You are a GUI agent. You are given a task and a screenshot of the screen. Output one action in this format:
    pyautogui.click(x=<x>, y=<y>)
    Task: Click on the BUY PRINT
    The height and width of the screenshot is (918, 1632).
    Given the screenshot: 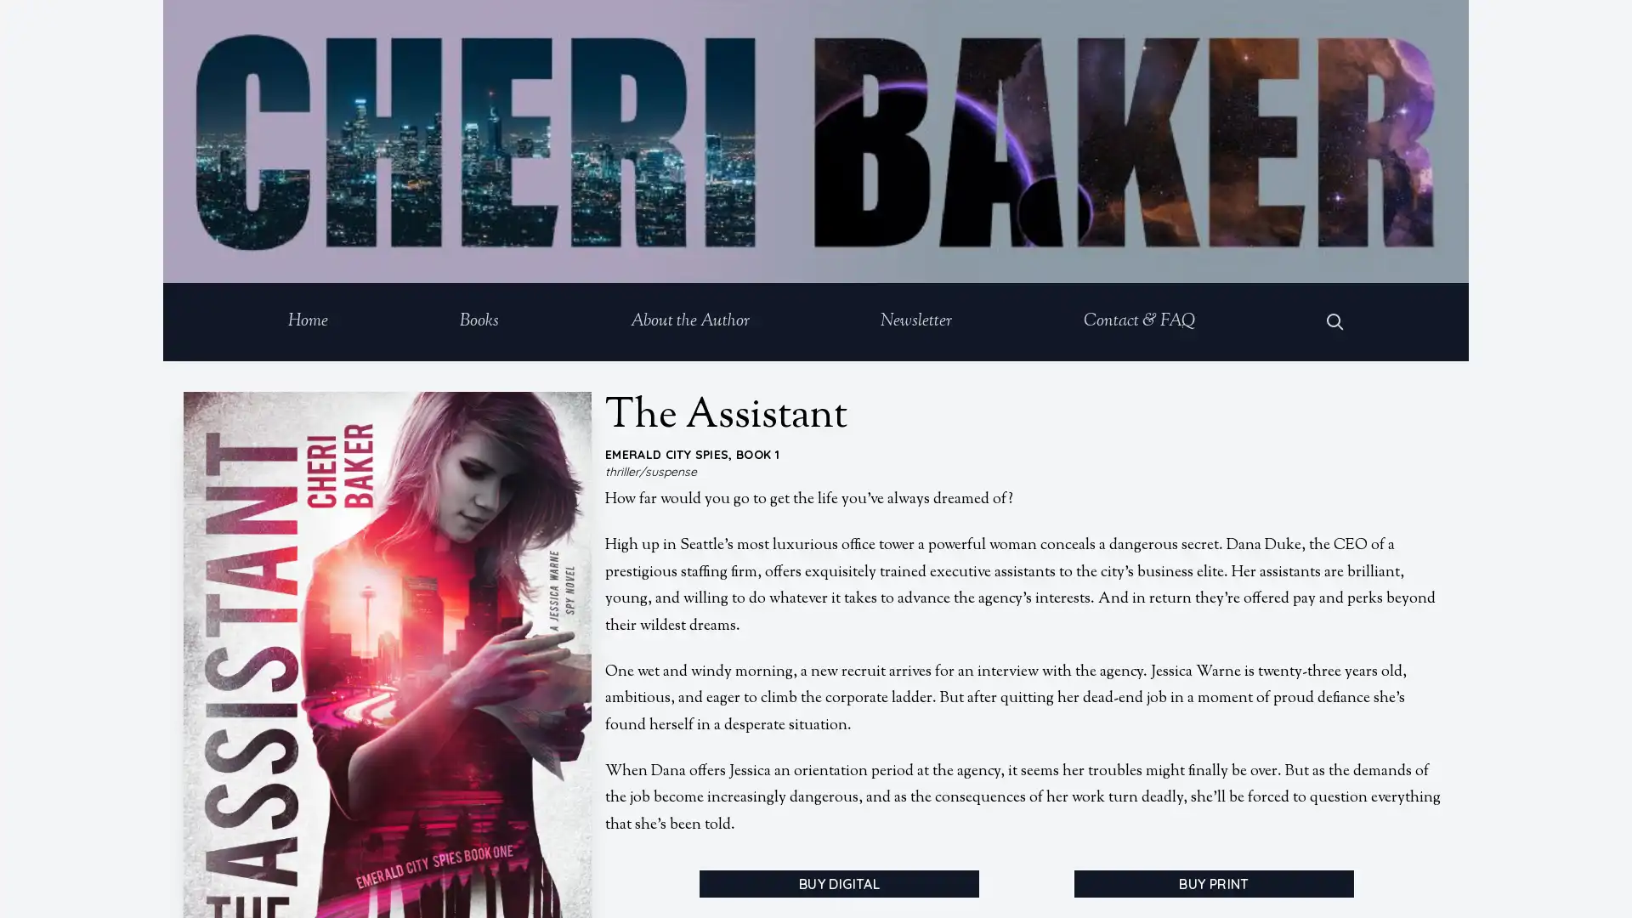 What is the action you would take?
    pyautogui.click(x=1213, y=881)
    